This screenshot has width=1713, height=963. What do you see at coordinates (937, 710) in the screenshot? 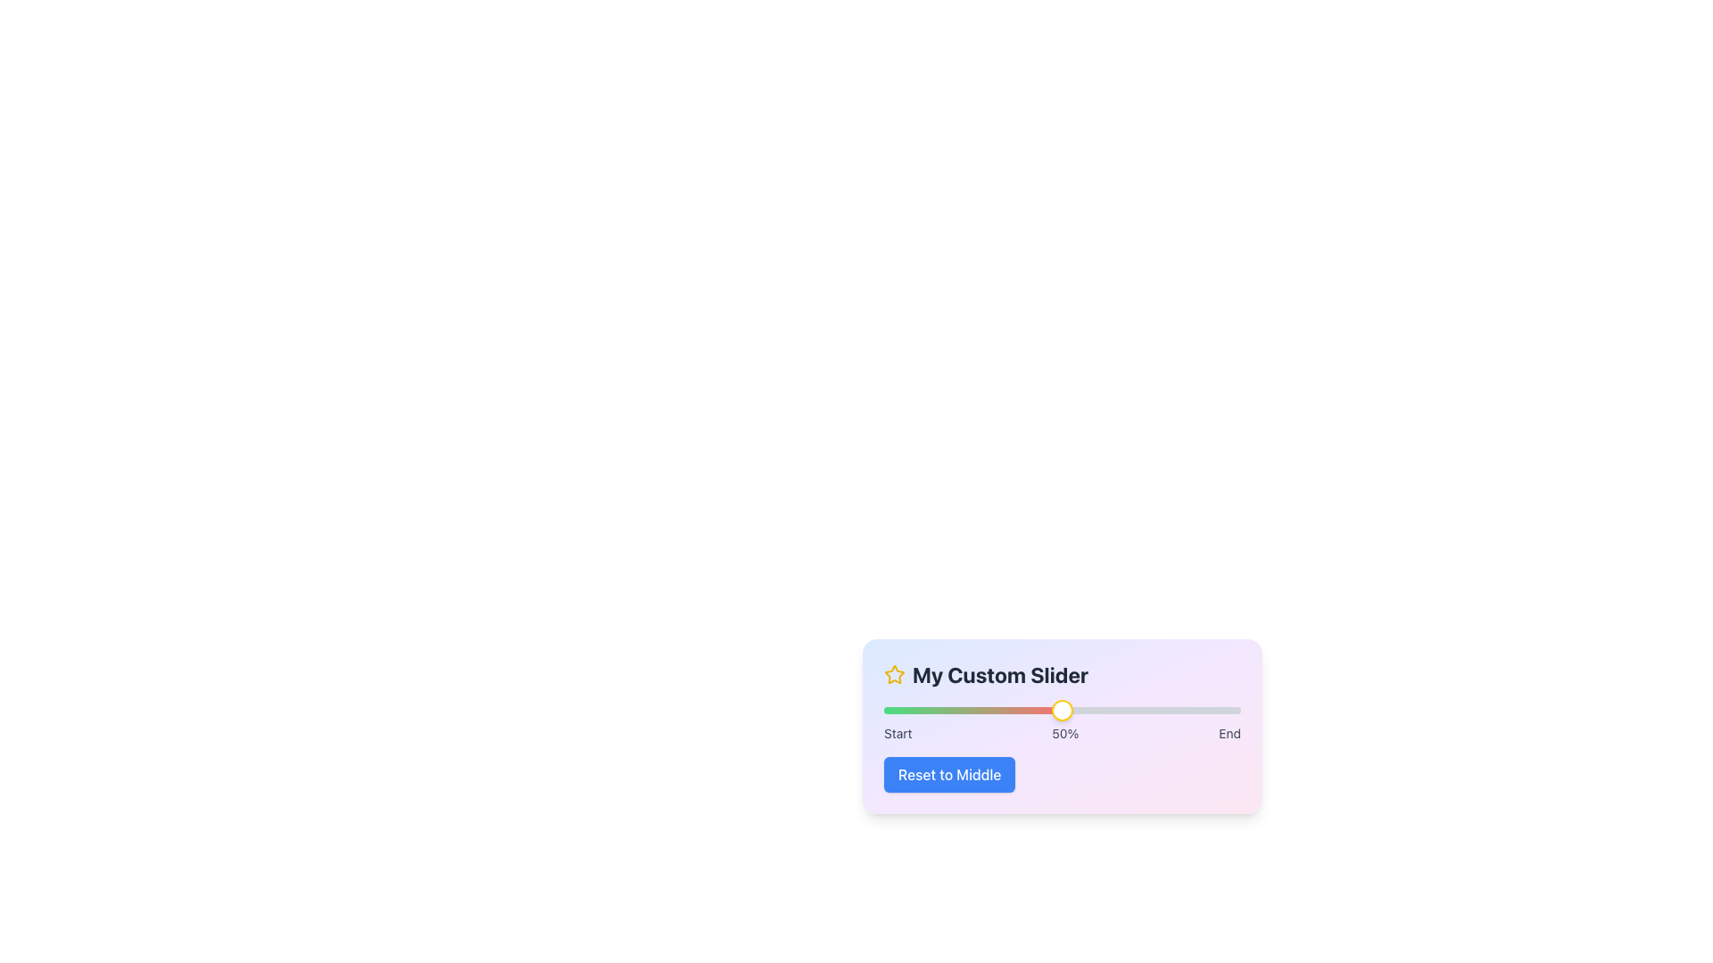
I see `the slider` at bounding box center [937, 710].